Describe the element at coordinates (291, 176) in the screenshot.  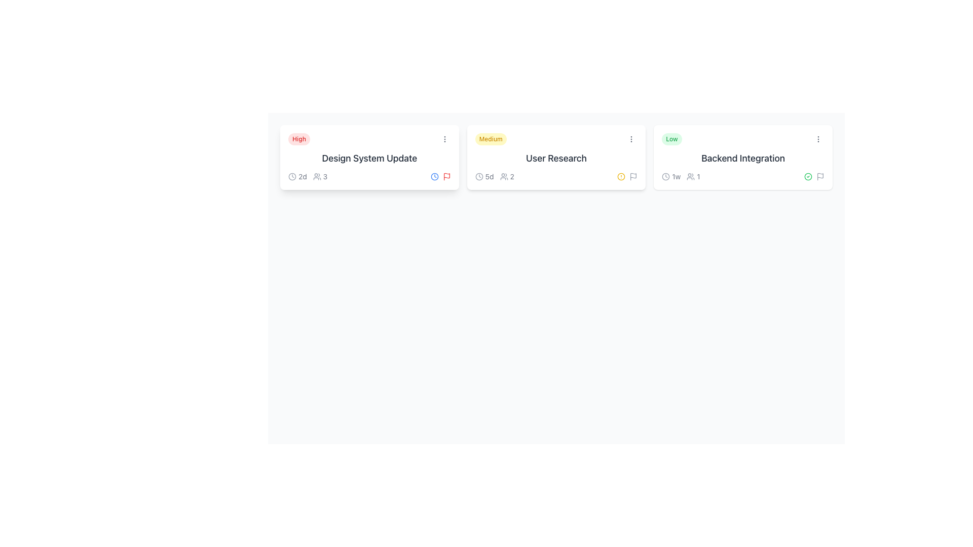
I see `the SVG circle element representing the clock in the bottom-right corner of the 'Design System Update' task card` at that location.